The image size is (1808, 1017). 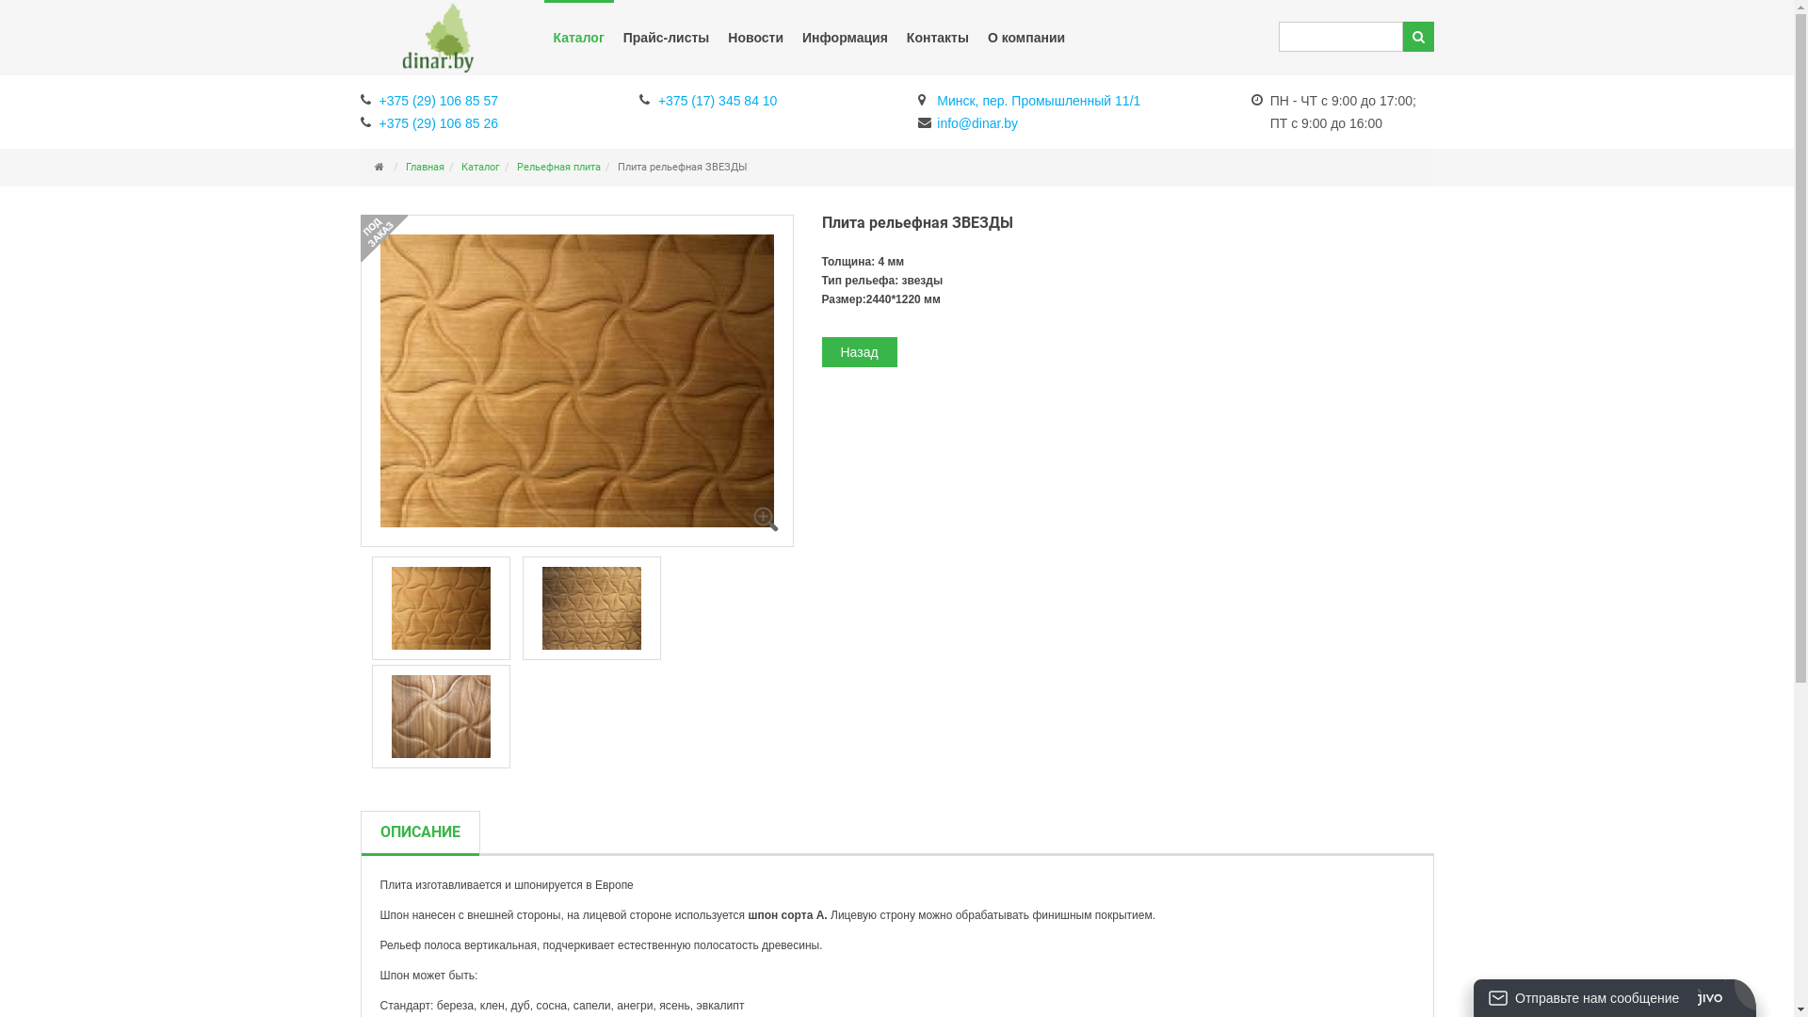 What do you see at coordinates (707, 98) in the screenshot?
I see `'+375 (17) 345 84 10'` at bounding box center [707, 98].